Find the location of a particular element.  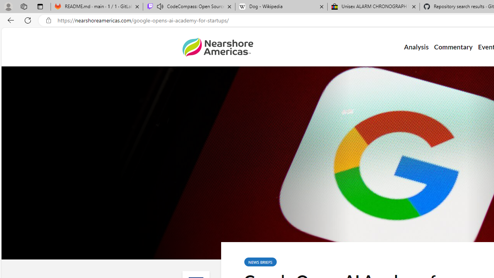

'Dog - Wikipedia' is located at coordinates (281, 7).